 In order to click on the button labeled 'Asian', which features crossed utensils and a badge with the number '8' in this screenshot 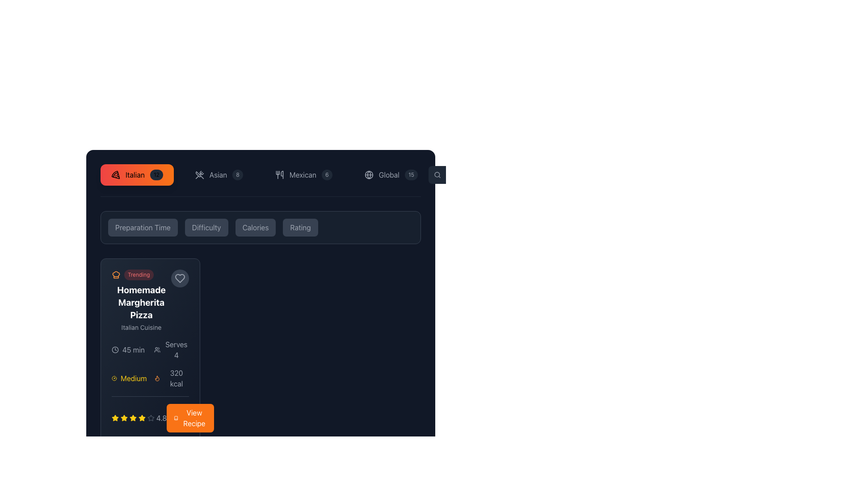, I will do `click(219, 175)`.